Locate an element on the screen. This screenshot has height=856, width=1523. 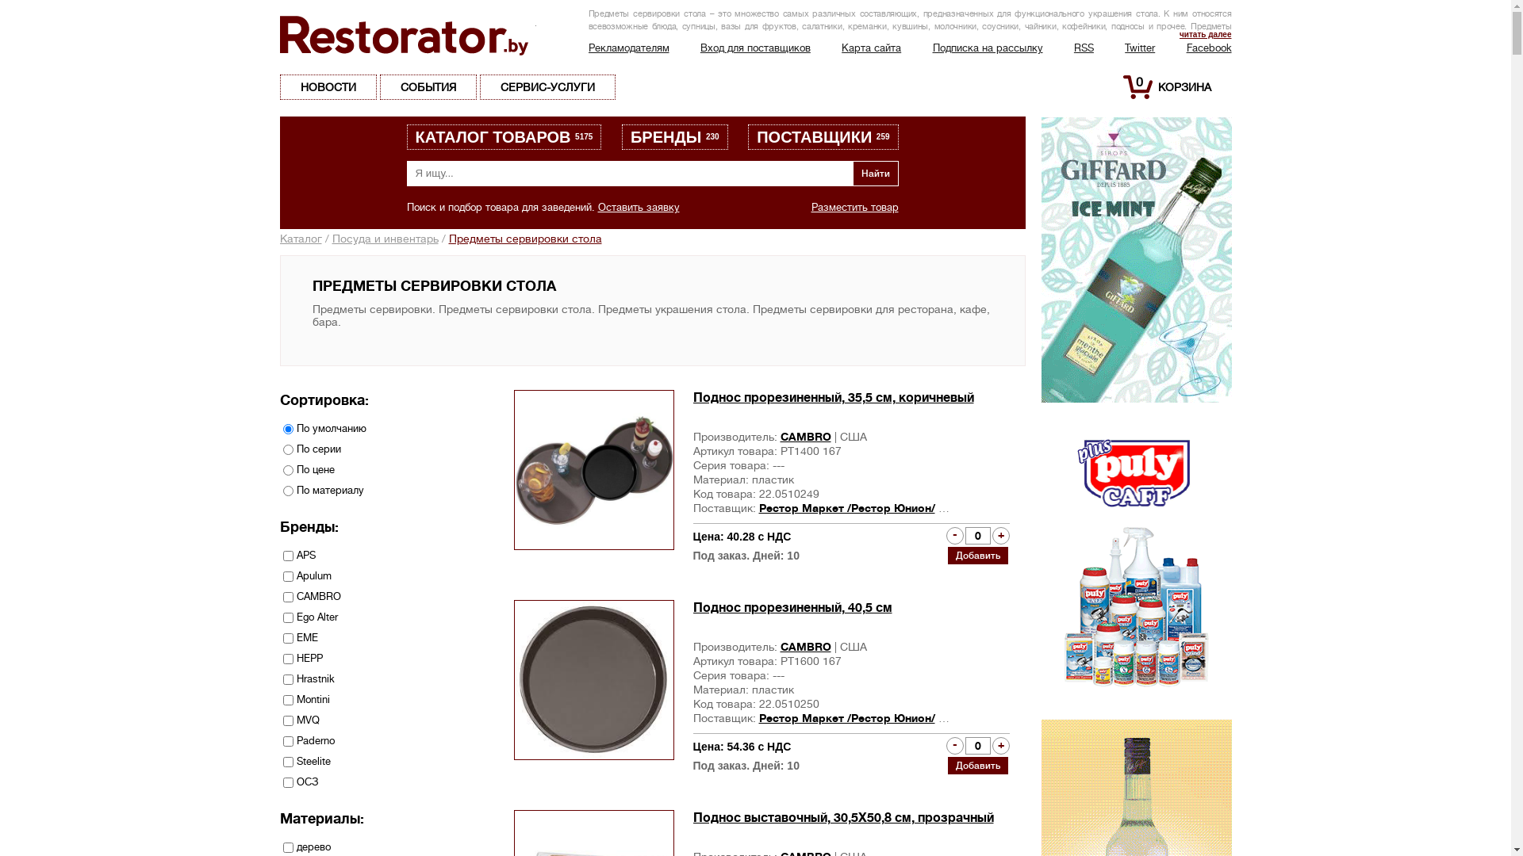
'+' is located at coordinates (990, 535).